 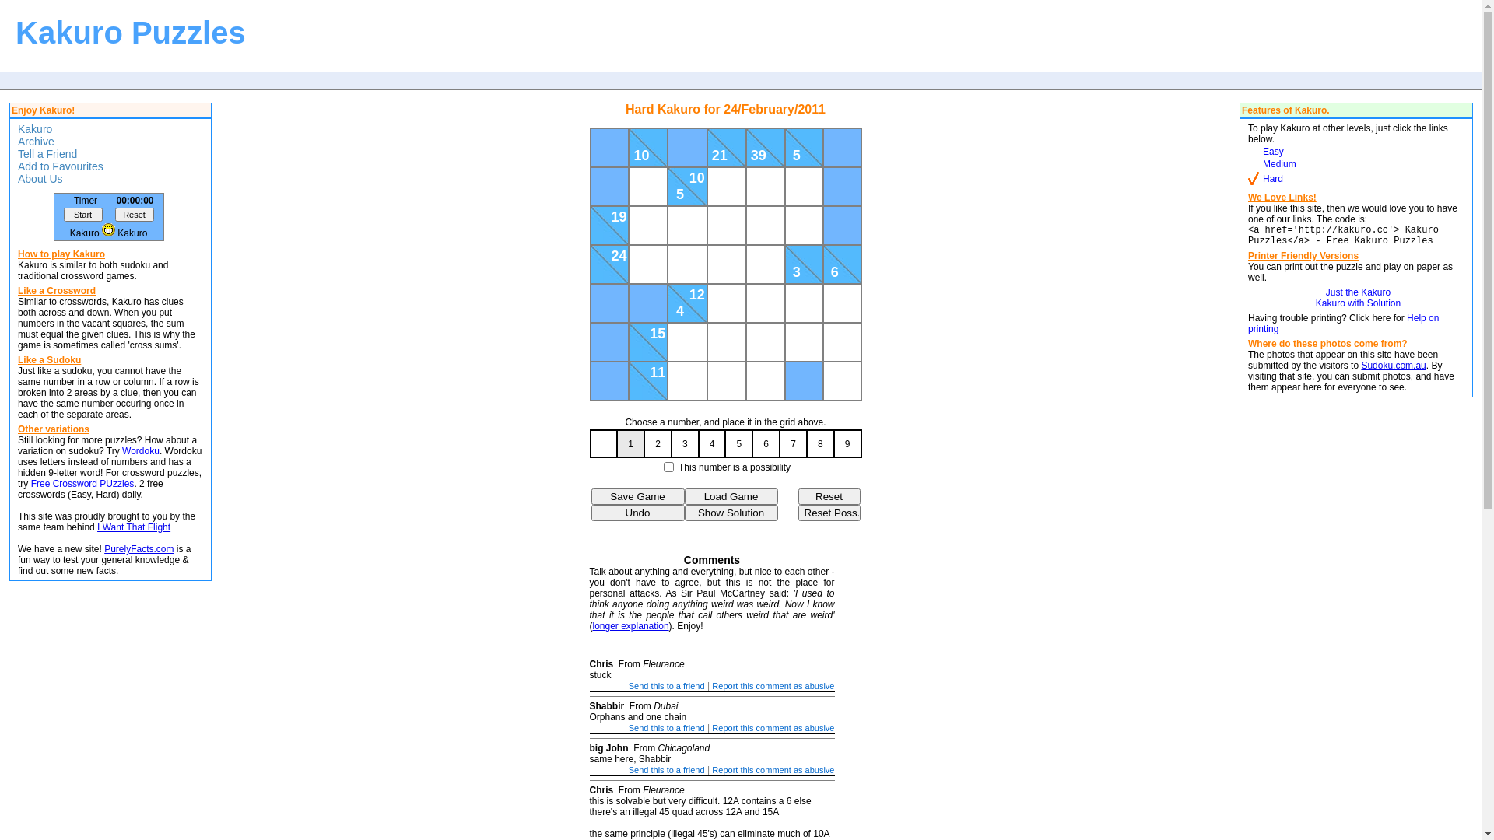 What do you see at coordinates (14, 178) in the screenshot?
I see `'About Us'` at bounding box center [14, 178].